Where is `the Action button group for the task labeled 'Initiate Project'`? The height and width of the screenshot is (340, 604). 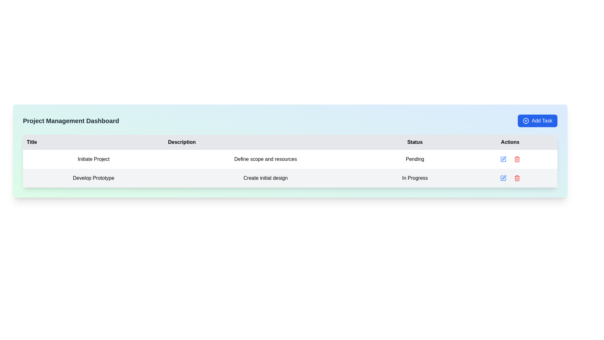 the Action button group for the task labeled 'Initiate Project' is located at coordinates (510, 159).